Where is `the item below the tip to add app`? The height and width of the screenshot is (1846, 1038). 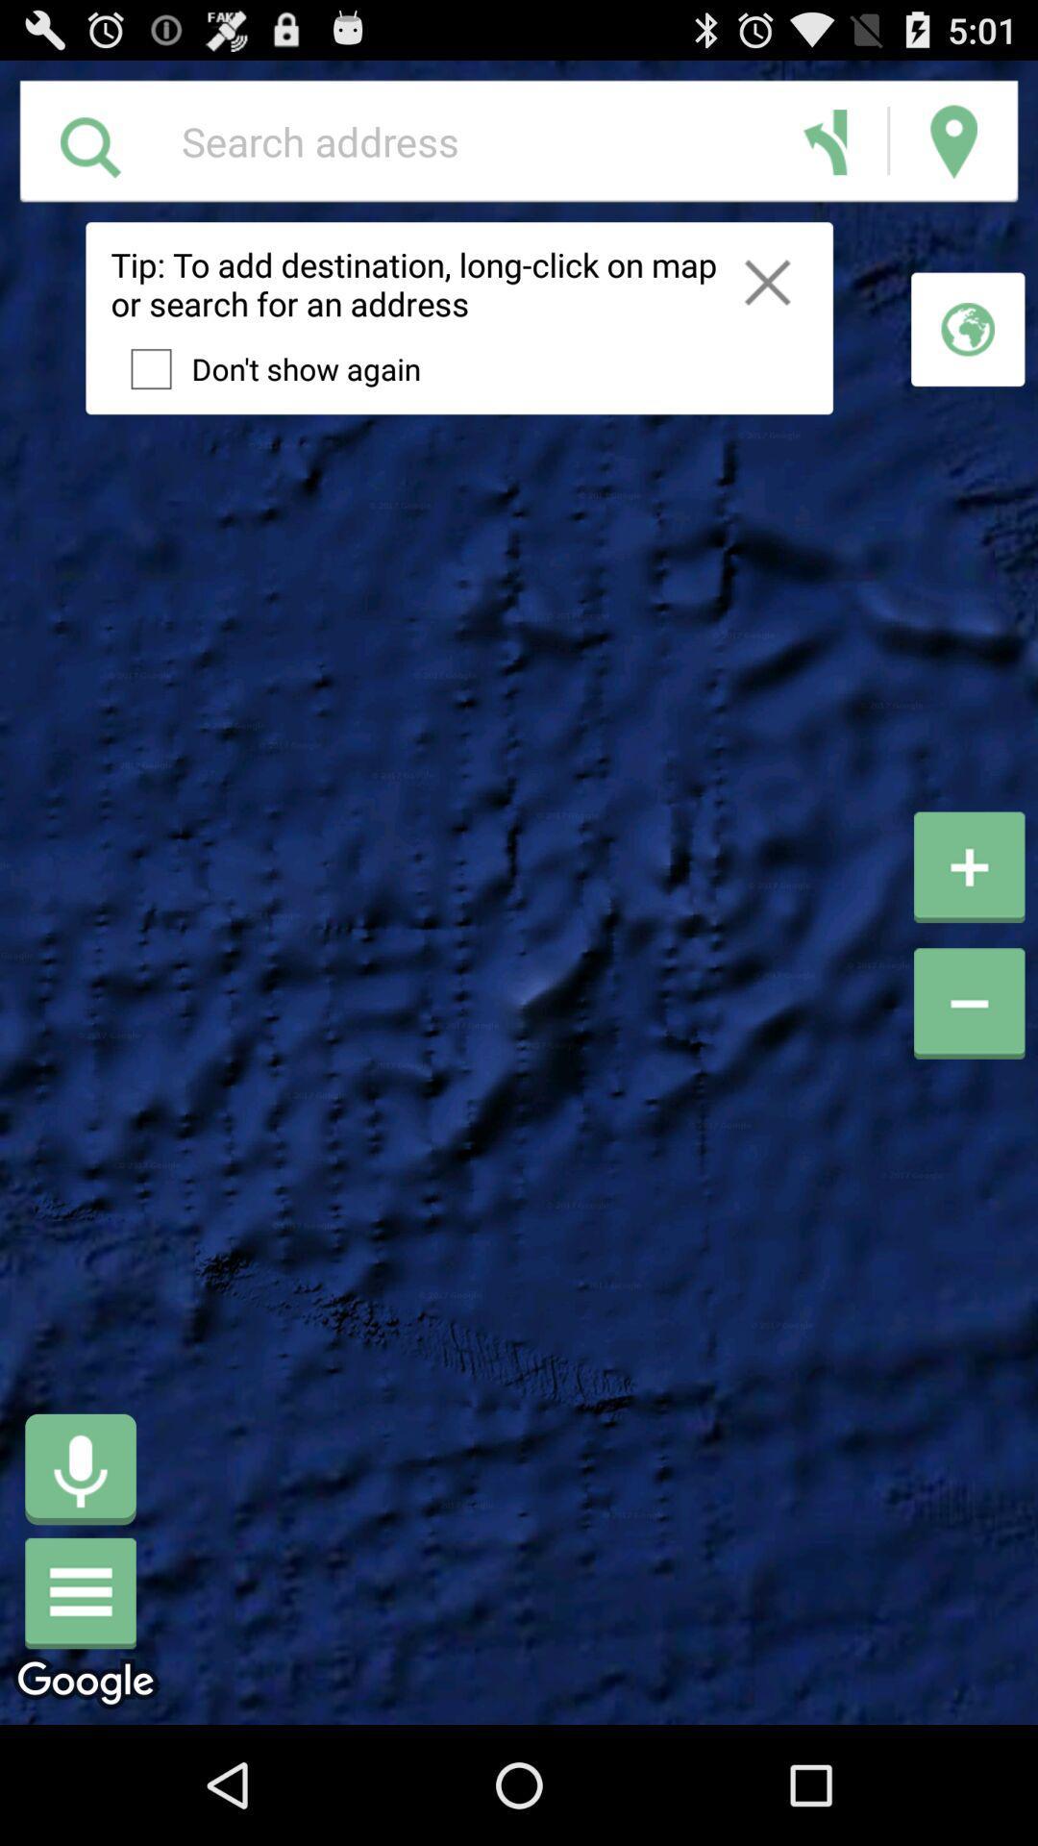
the item below the tip to add app is located at coordinates (265, 369).